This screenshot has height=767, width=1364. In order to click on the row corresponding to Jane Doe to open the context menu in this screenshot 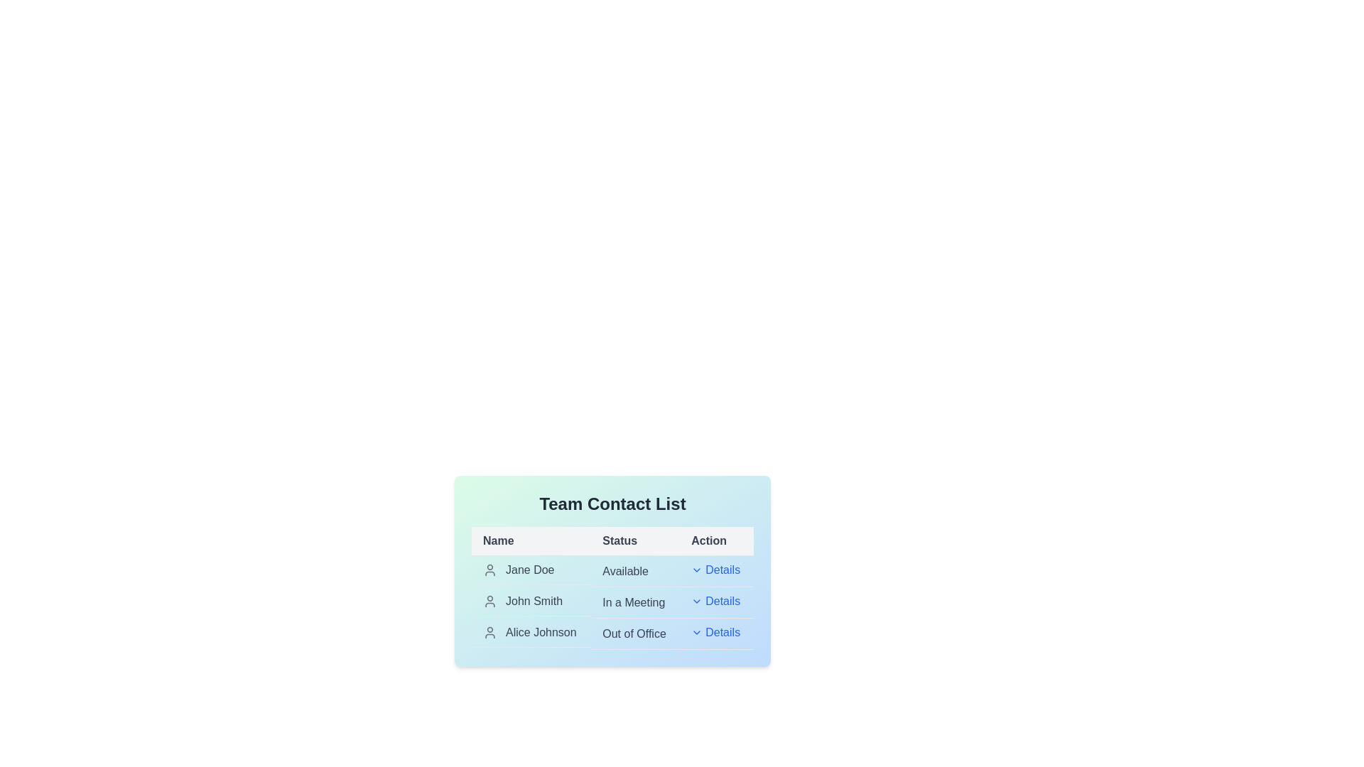, I will do `click(531, 570)`.